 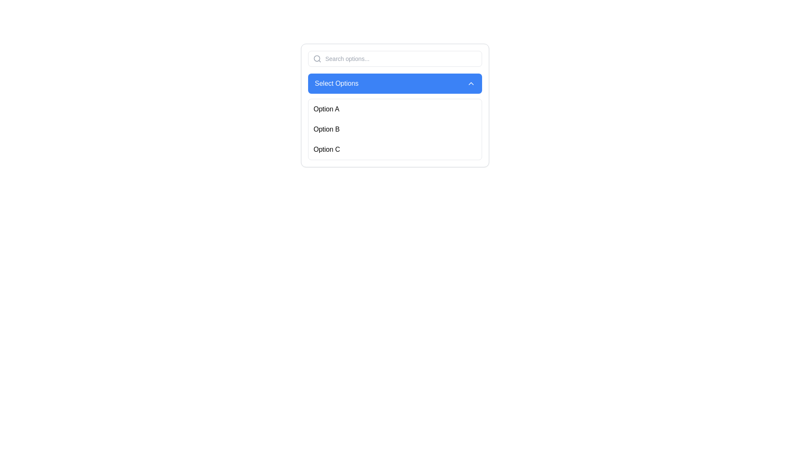 I want to click on to select one of the options from the dropdown list containing 'Option A', 'Option B', and 'Option C', which is the third section below the blue button labeled 'Select Options', so click(x=395, y=129).